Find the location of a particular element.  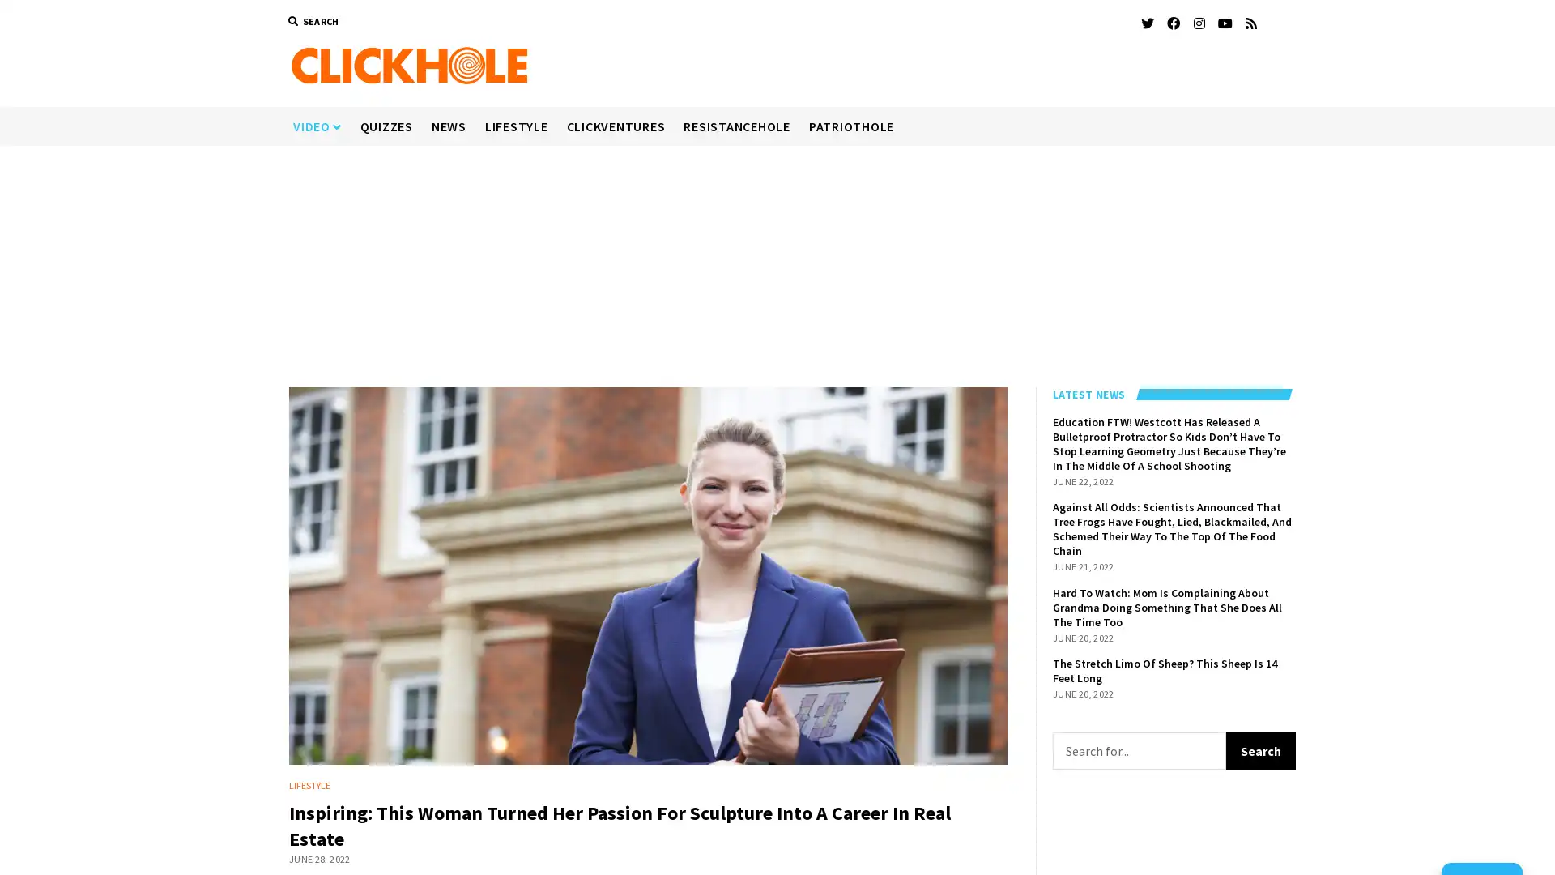

SEARCH is located at coordinates (313, 22).